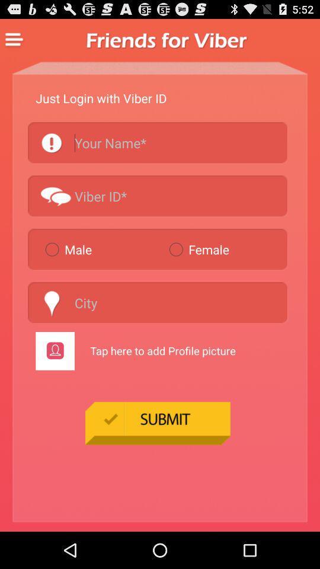 Image resolution: width=320 pixels, height=569 pixels. What do you see at coordinates (101, 248) in the screenshot?
I see `the item to the left of the female item` at bounding box center [101, 248].